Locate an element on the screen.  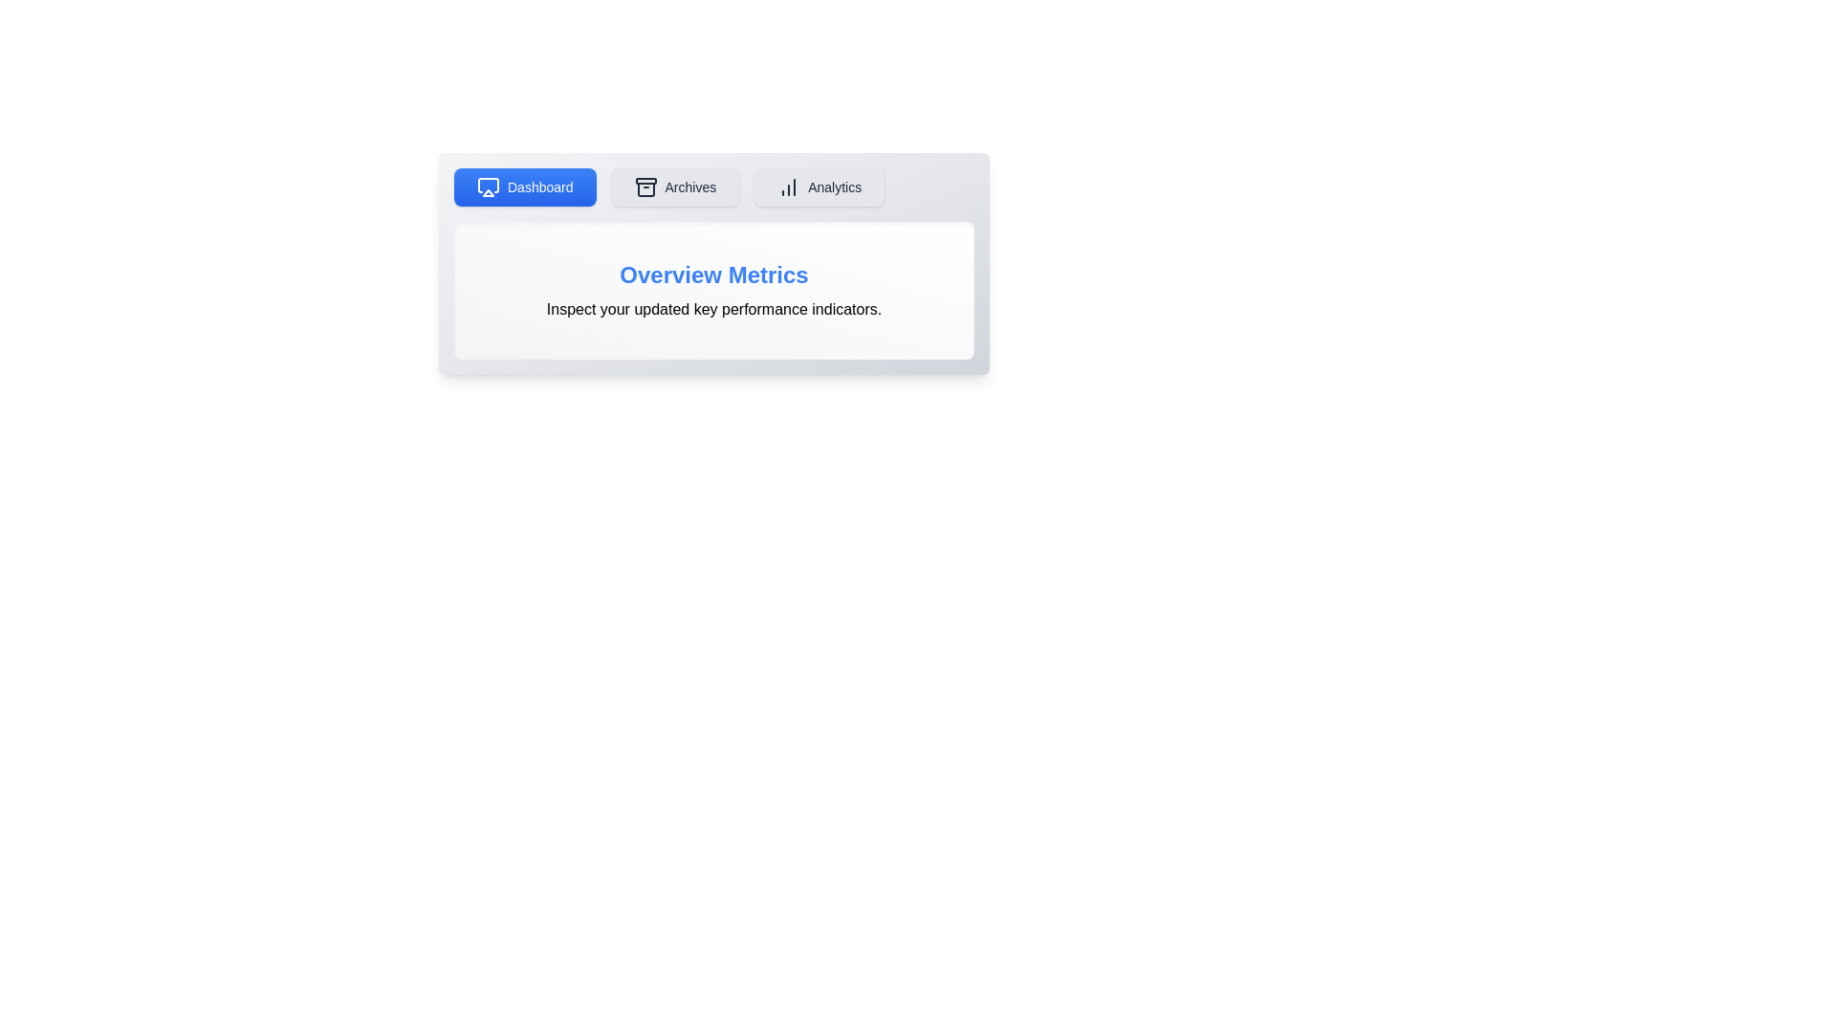
the tab labeled Dashboard by clicking on it is located at coordinates (525, 187).